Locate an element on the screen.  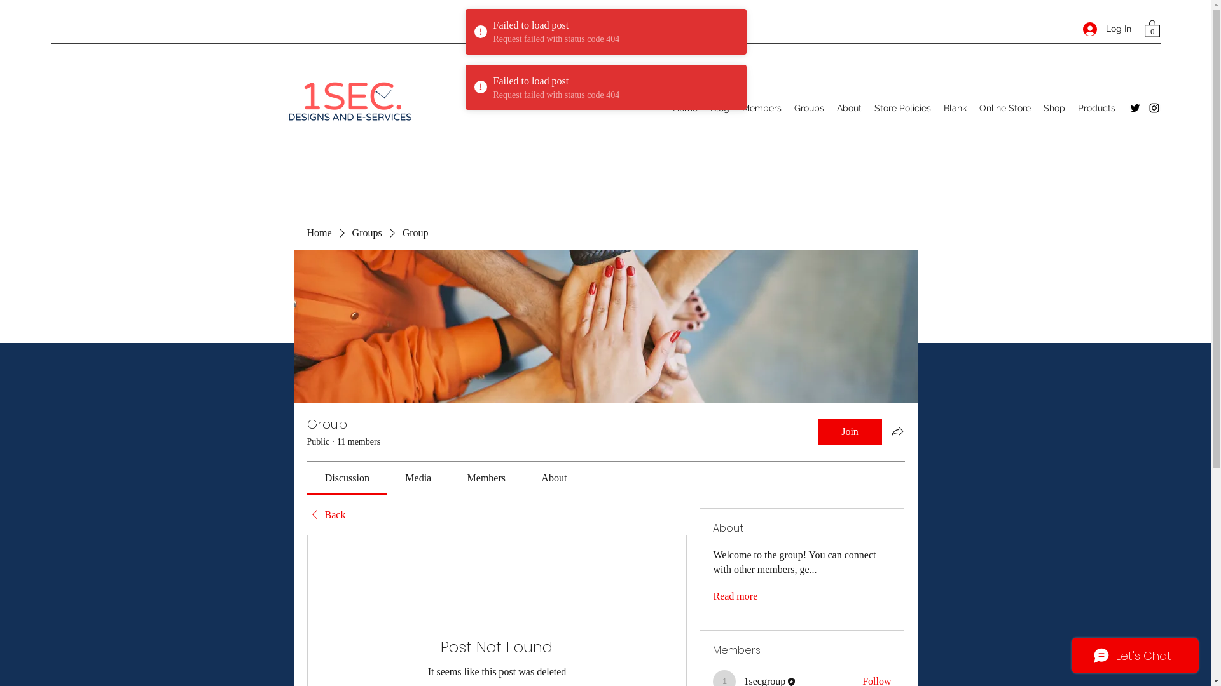
'Join' is located at coordinates (849, 431).